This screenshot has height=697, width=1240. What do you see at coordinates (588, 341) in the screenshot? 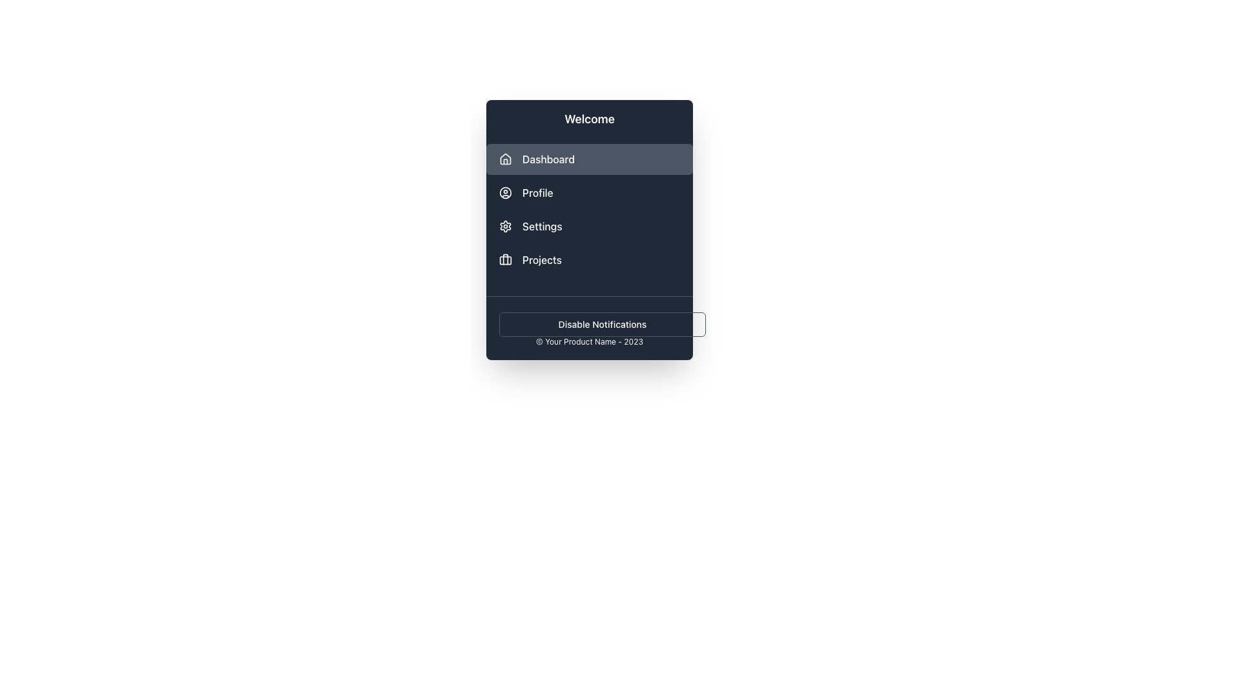
I see `text displayed in the small font size label that shows '© Your Product Name - 2023', located at the bottom of the dark-themed menu interface` at bounding box center [588, 341].